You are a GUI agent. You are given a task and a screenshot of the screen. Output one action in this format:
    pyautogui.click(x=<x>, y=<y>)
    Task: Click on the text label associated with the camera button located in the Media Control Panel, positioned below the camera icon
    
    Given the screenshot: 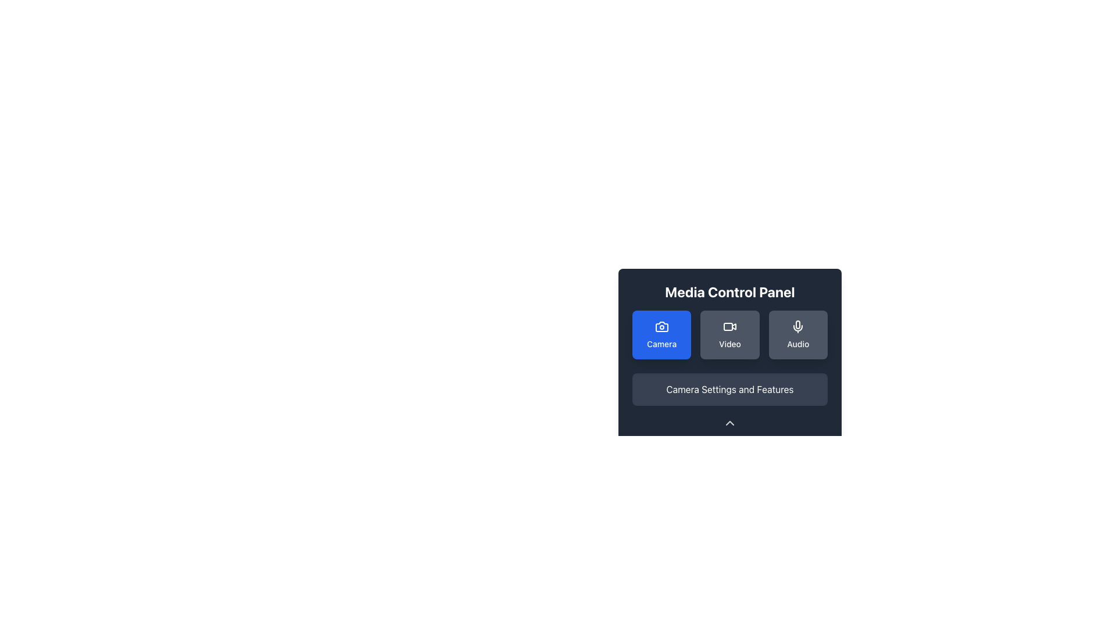 What is the action you would take?
    pyautogui.click(x=661, y=344)
    